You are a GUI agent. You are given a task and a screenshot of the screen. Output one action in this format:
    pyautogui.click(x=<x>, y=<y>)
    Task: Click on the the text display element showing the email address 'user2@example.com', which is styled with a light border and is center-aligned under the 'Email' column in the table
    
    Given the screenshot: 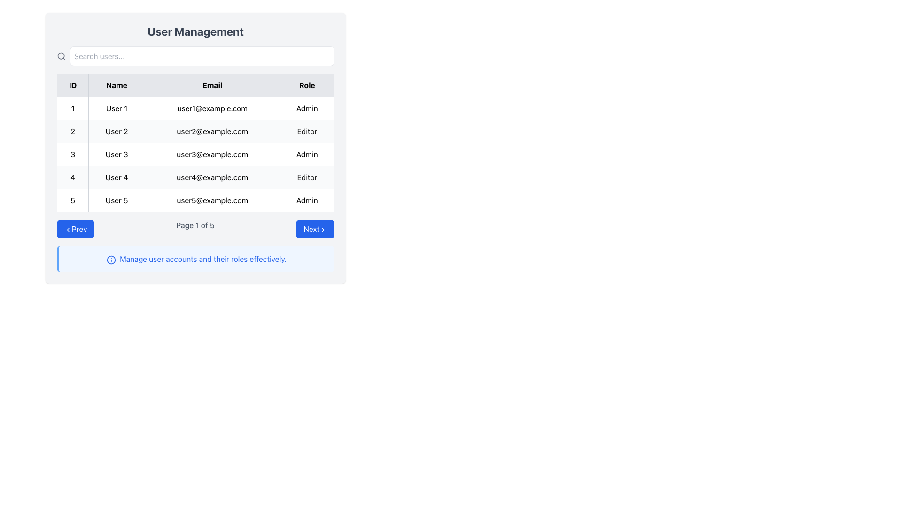 What is the action you would take?
    pyautogui.click(x=212, y=131)
    